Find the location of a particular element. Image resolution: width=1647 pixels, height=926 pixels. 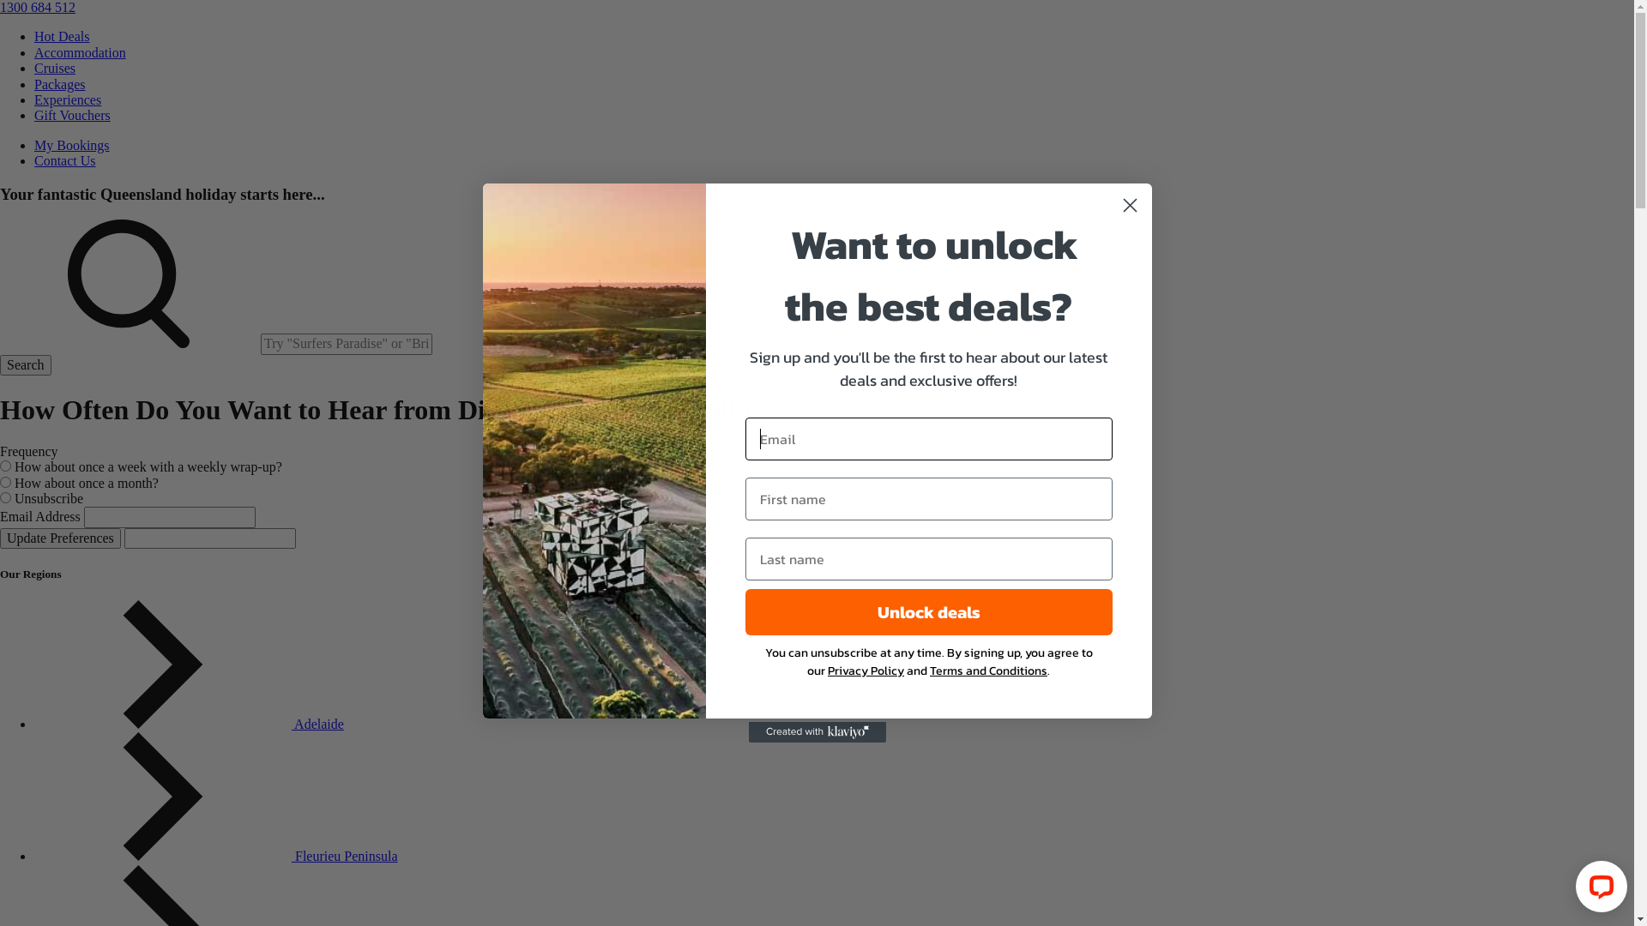

'Terms and Conditions' is located at coordinates (988, 670).